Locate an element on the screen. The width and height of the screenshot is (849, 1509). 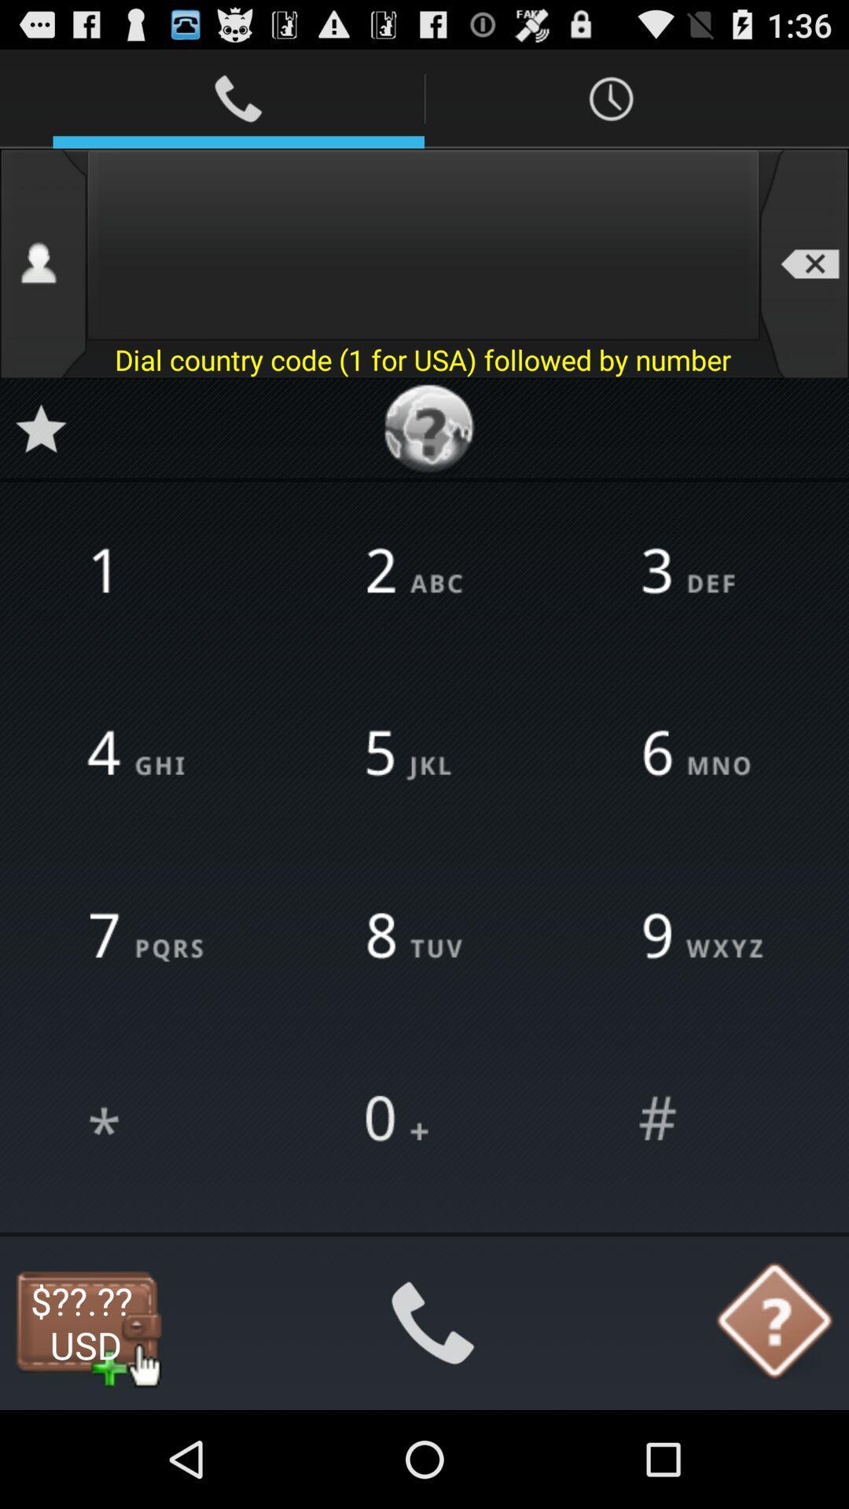
the number 5 is located at coordinates (424, 754).